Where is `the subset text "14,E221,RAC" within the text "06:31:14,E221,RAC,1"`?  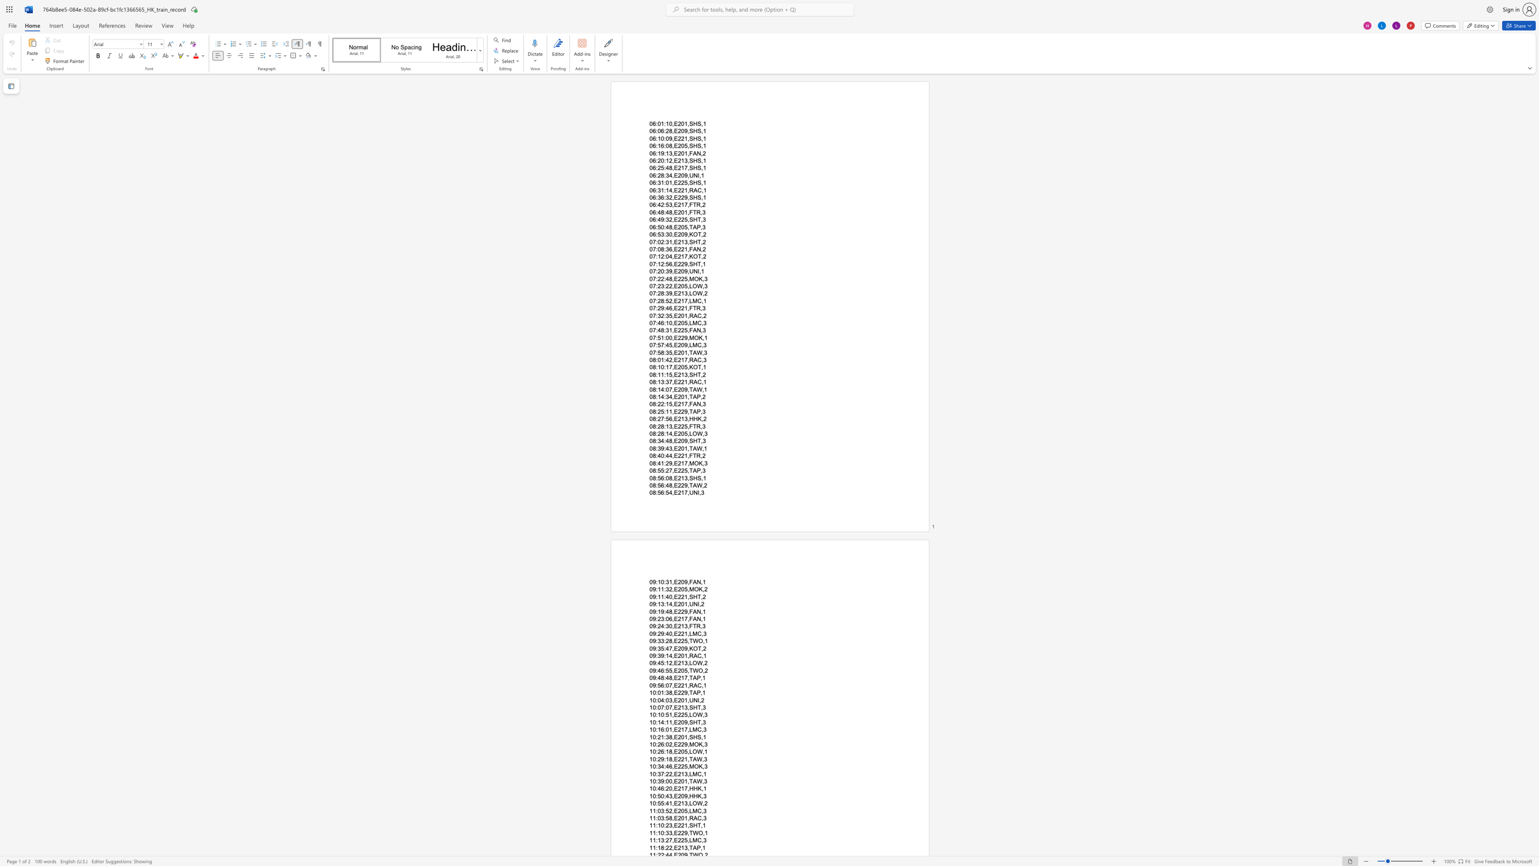 the subset text "14,E221,RAC" within the text "06:31:14,E221,RAC,1" is located at coordinates (666, 189).